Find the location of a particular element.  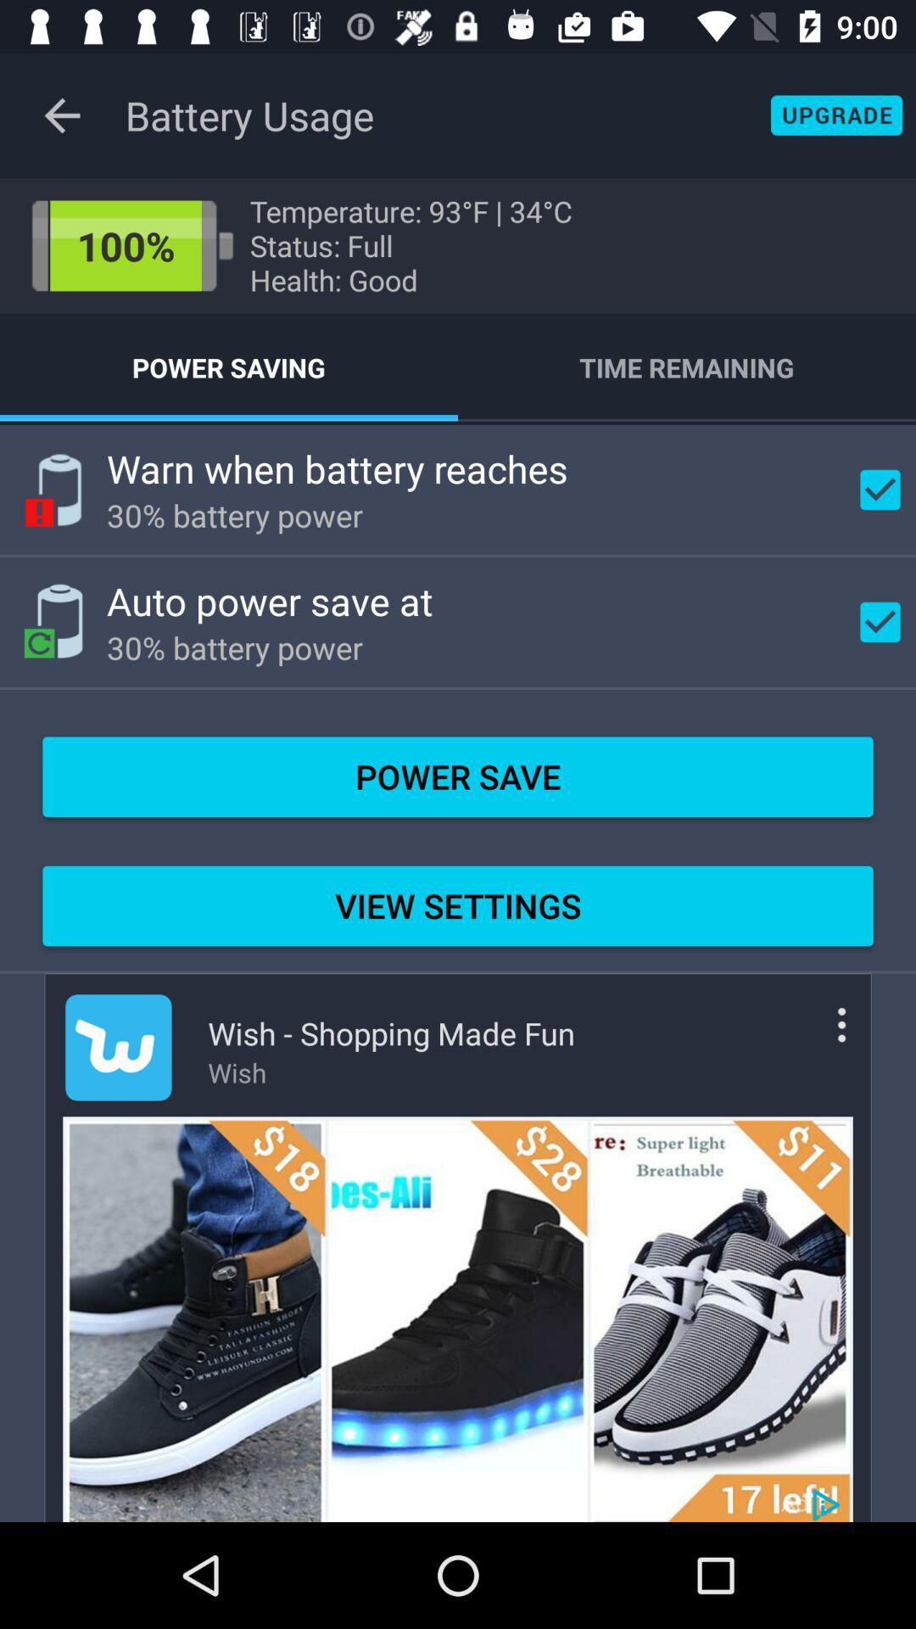

advert logo icon is located at coordinates (117, 1046).